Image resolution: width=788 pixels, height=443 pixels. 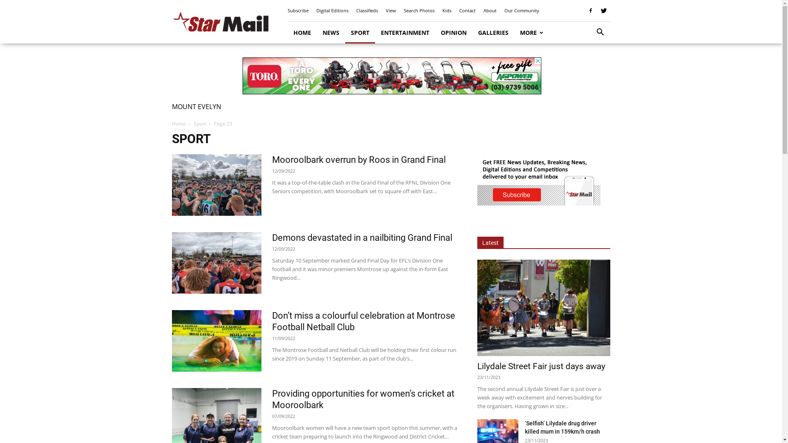 What do you see at coordinates (199, 123) in the screenshot?
I see `'Sport'` at bounding box center [199, 123].